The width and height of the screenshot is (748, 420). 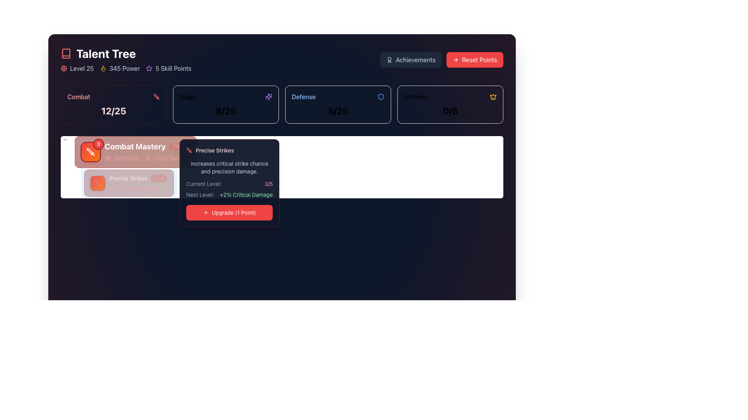 What do you see at coordinates (251, 124) in the screenshot?
I see `the heart icon, which serves as a 'like' or 'favorite' button, allowing users to mark content as liked or preferred` at bounding box center [251, 124].